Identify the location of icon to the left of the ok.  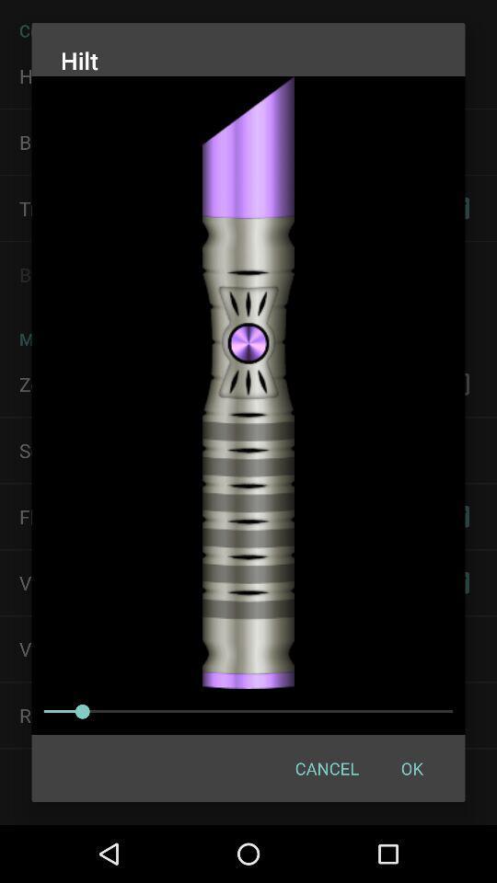
(326, 768).